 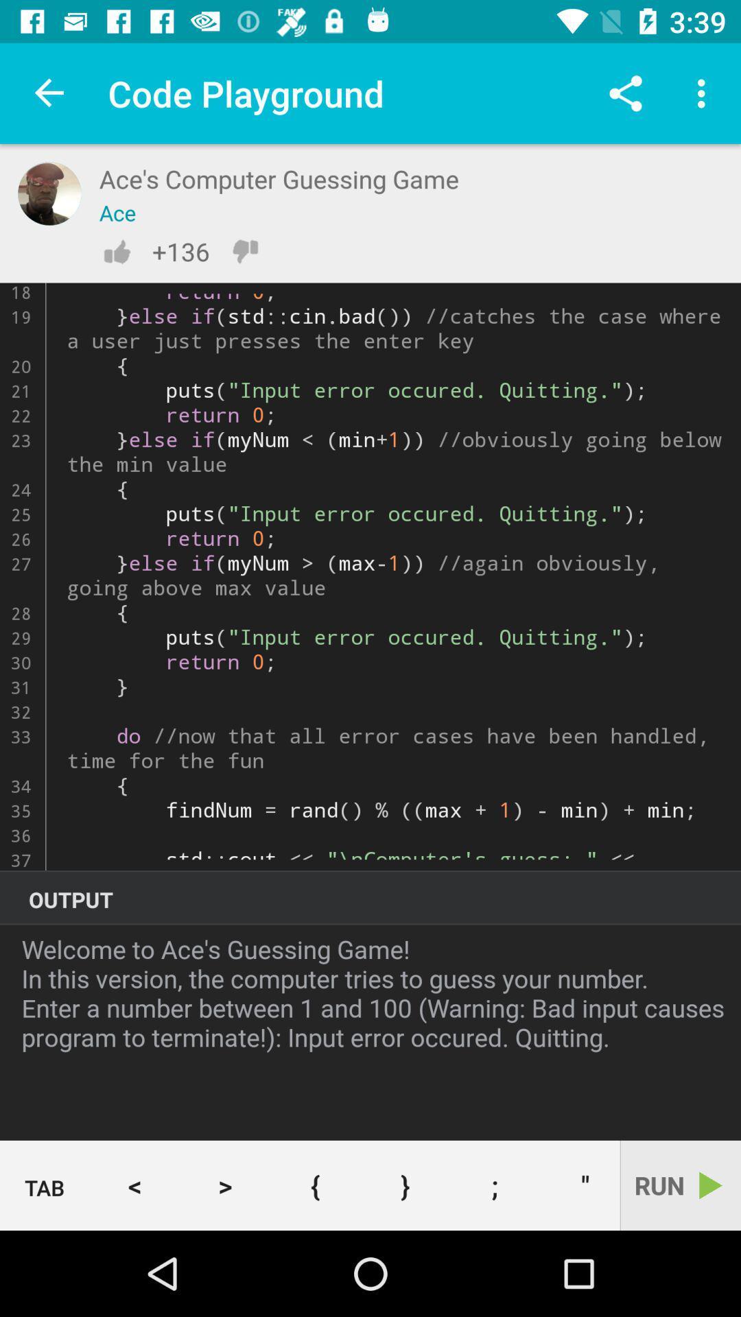 What do you see at coordinates (244, 251) in the screenshot?
I see `dislikes are notified` at bounding box center [244, 251].